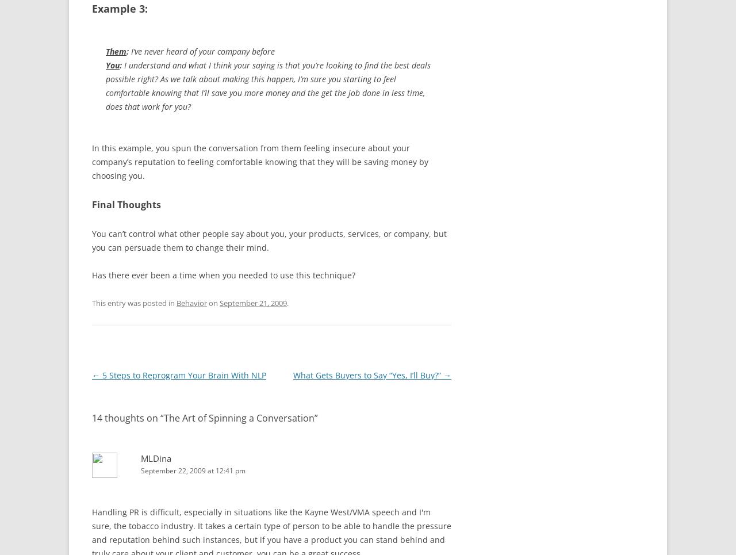 The image size is (736, 555). Describe the element at coordinates (267, 85) in the screenshot. I see `'I understand and what I think your saying is that you’re looking to find the best deals possible right? As we talk about making this happen, I’m sure you starting to feel comfortable knowing that I’ll save you more money and the get the job done in less time, does that work for you?'` at that location.